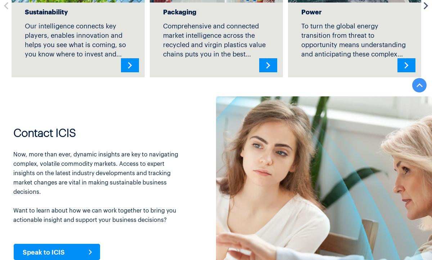 This screenshot has height=260, width=432. I want to click on 'Our intelligence connects key players, enables innovation and helps you see what is coming, so you know where to invest and where to transform.', so click(75, 44).